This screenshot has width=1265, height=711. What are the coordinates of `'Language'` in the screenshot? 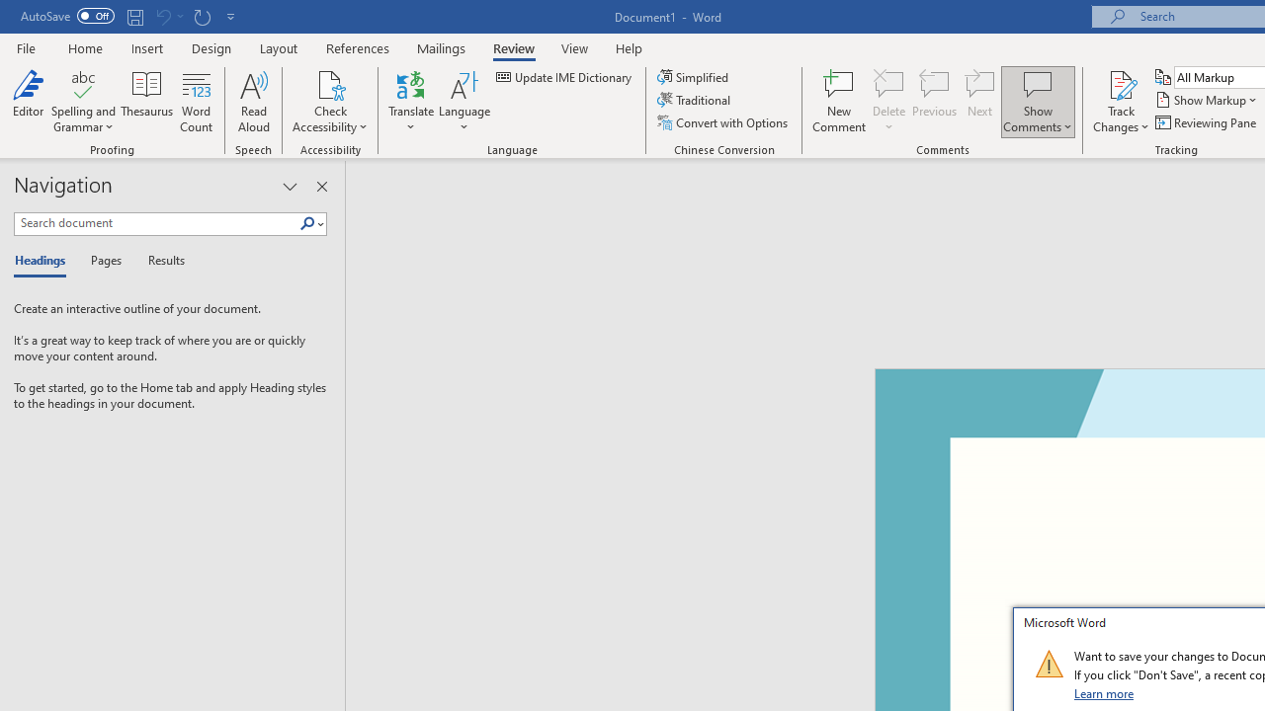 It's located at (464, 102).